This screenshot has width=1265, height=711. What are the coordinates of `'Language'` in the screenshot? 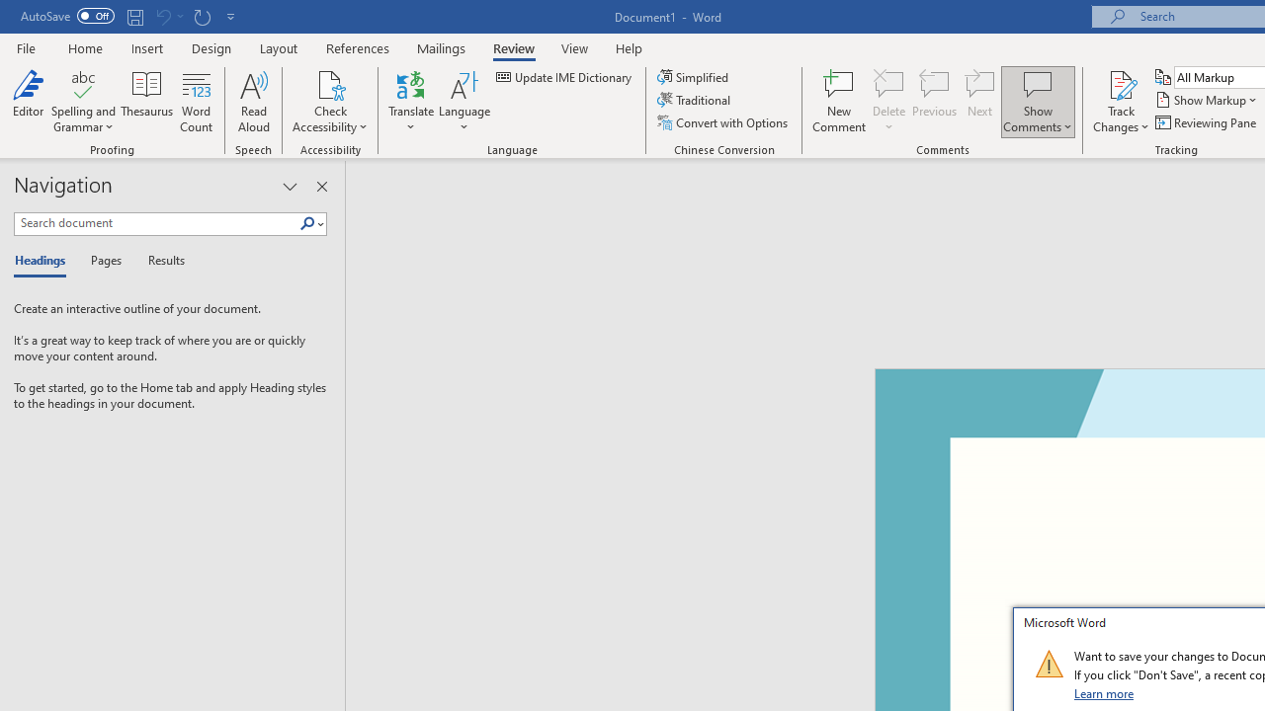 It's located at (464, 102).